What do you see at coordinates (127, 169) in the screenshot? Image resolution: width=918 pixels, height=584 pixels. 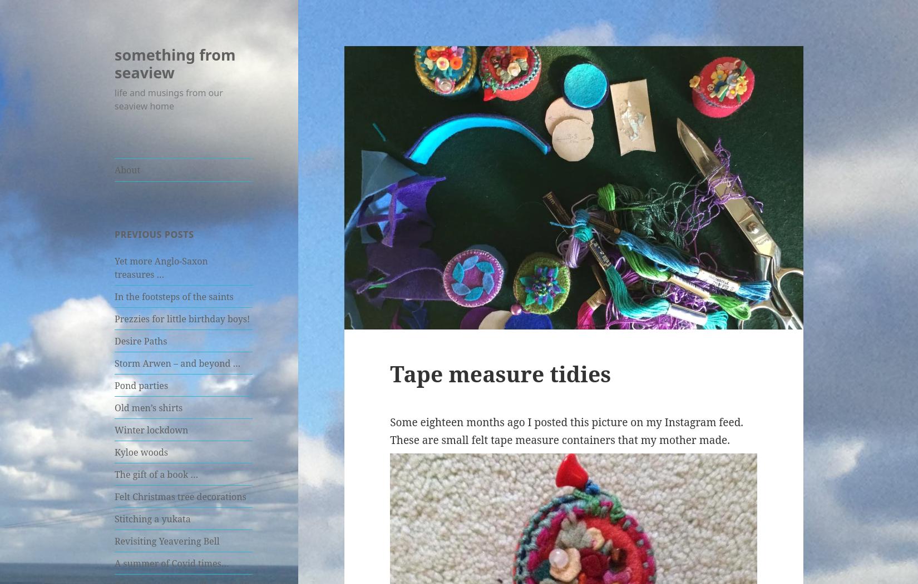 I see `'About'` at bounding box center [127, 169].